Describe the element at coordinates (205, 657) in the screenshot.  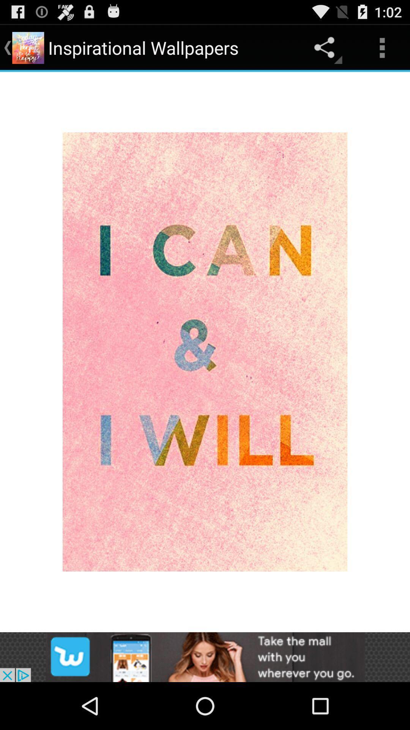
I see `visit the advertisement 's website` at that location.